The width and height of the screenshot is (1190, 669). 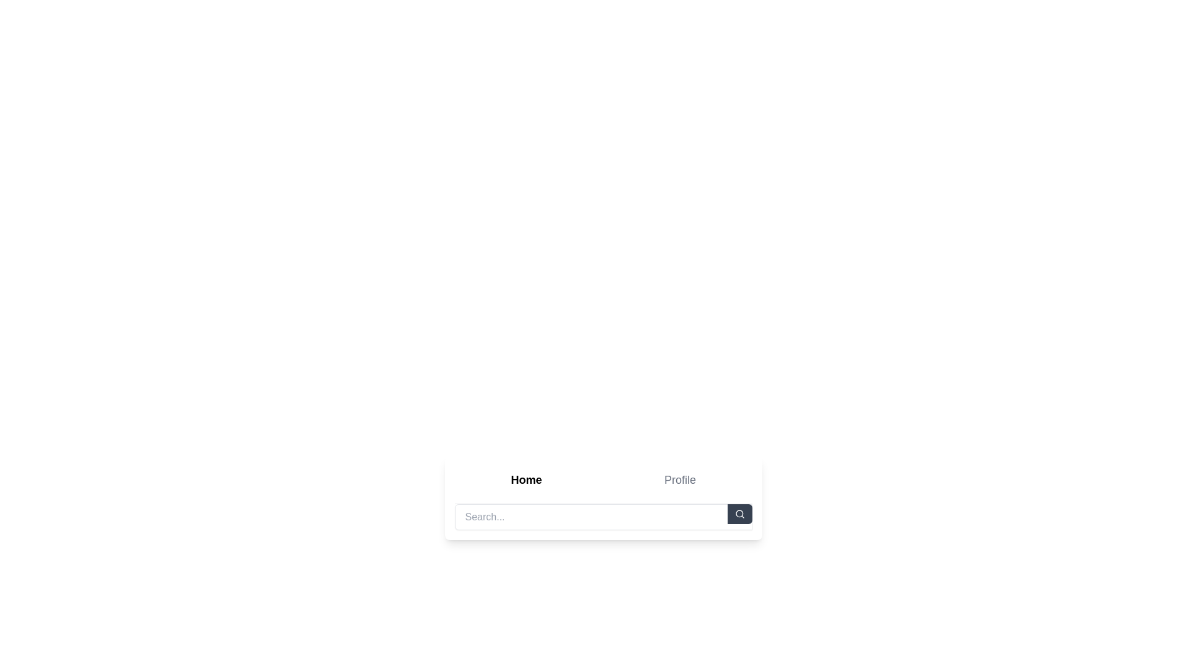 I want to click on the magnifying glass icon located at the far-right end of the input box section to initiate a search, so click(x=739, y=514).